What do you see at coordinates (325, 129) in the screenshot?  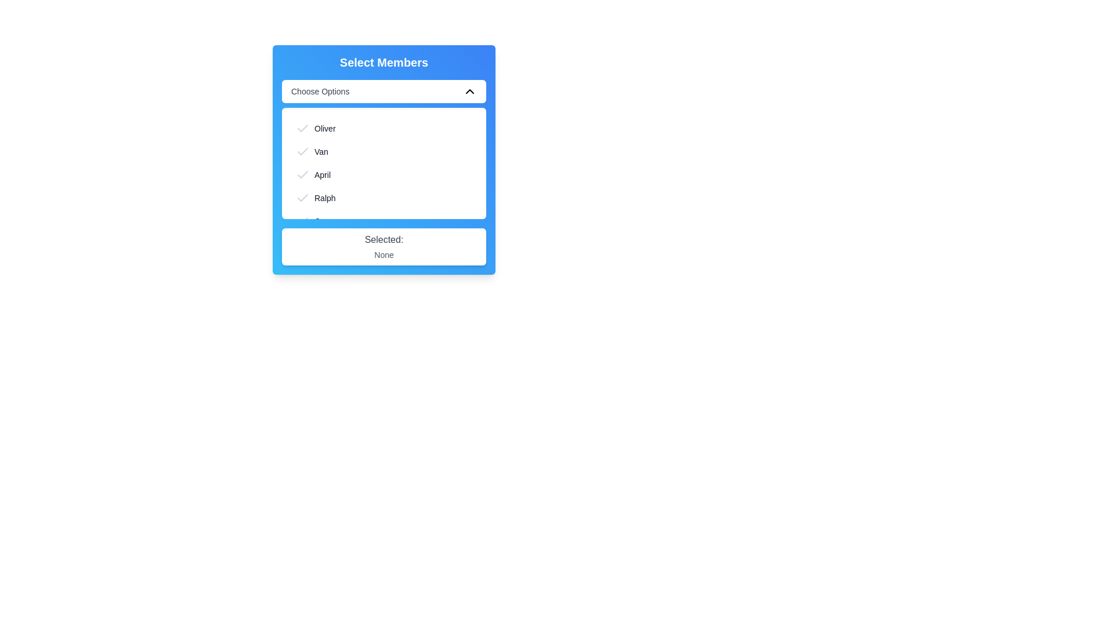 I see `the text label displaying 'Oliver' in the dropdown menu, which is positioned at the top of the list and adjacent to a checkmark icon` at bounding box center [325, 129].